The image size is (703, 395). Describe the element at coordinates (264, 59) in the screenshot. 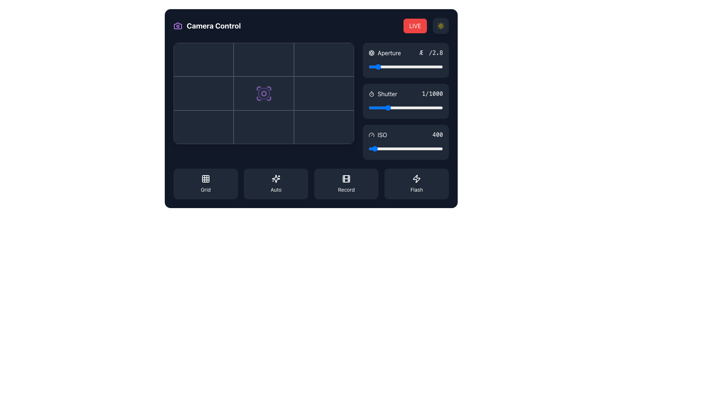

I see `the grid cell located in the top-center of the 3x3 grid layout within the 'Camera Control' interface, specifically in the first row and second column` at that location.